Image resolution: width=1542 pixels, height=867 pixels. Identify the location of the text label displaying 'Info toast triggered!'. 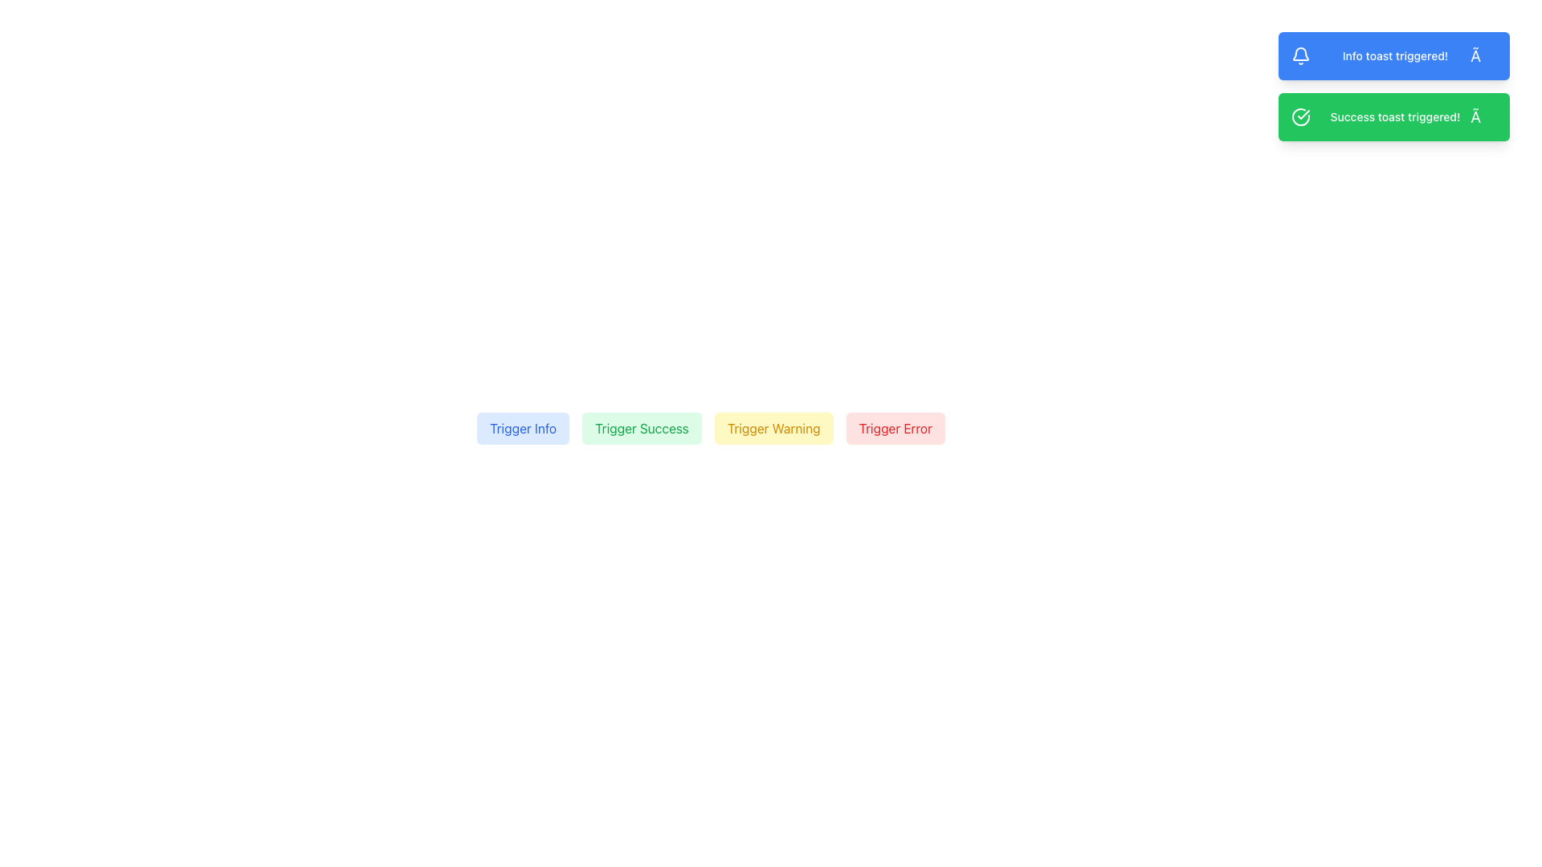
(1394, 55).